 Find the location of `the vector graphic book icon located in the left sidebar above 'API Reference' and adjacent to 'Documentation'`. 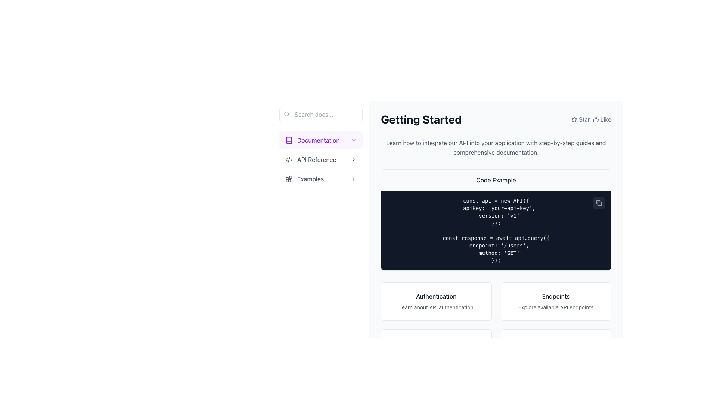

the vector graphic book icon located in the left sidebar above 'API Reference' and adjacent to 'Documentation' is located at coordinates (288, 140).